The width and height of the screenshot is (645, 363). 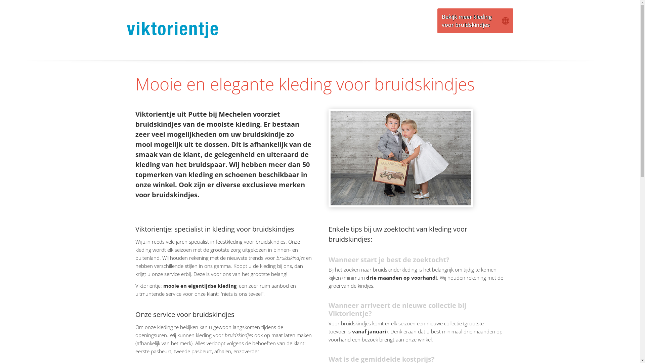 What do you see at coordinates (475, 20) in the screenshot?
I see `'Bekijk meer kleding` at bounding box center [475, 20].